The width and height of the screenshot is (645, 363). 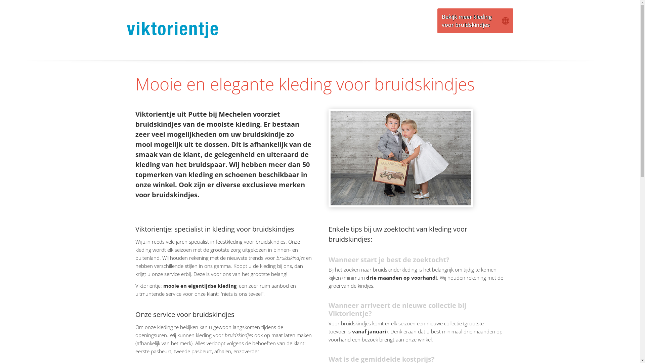 What do you see at coordinates (475, 20) in the screenshot?
I see `'Bekijk meer kleding` at bounding box center [475, 20].